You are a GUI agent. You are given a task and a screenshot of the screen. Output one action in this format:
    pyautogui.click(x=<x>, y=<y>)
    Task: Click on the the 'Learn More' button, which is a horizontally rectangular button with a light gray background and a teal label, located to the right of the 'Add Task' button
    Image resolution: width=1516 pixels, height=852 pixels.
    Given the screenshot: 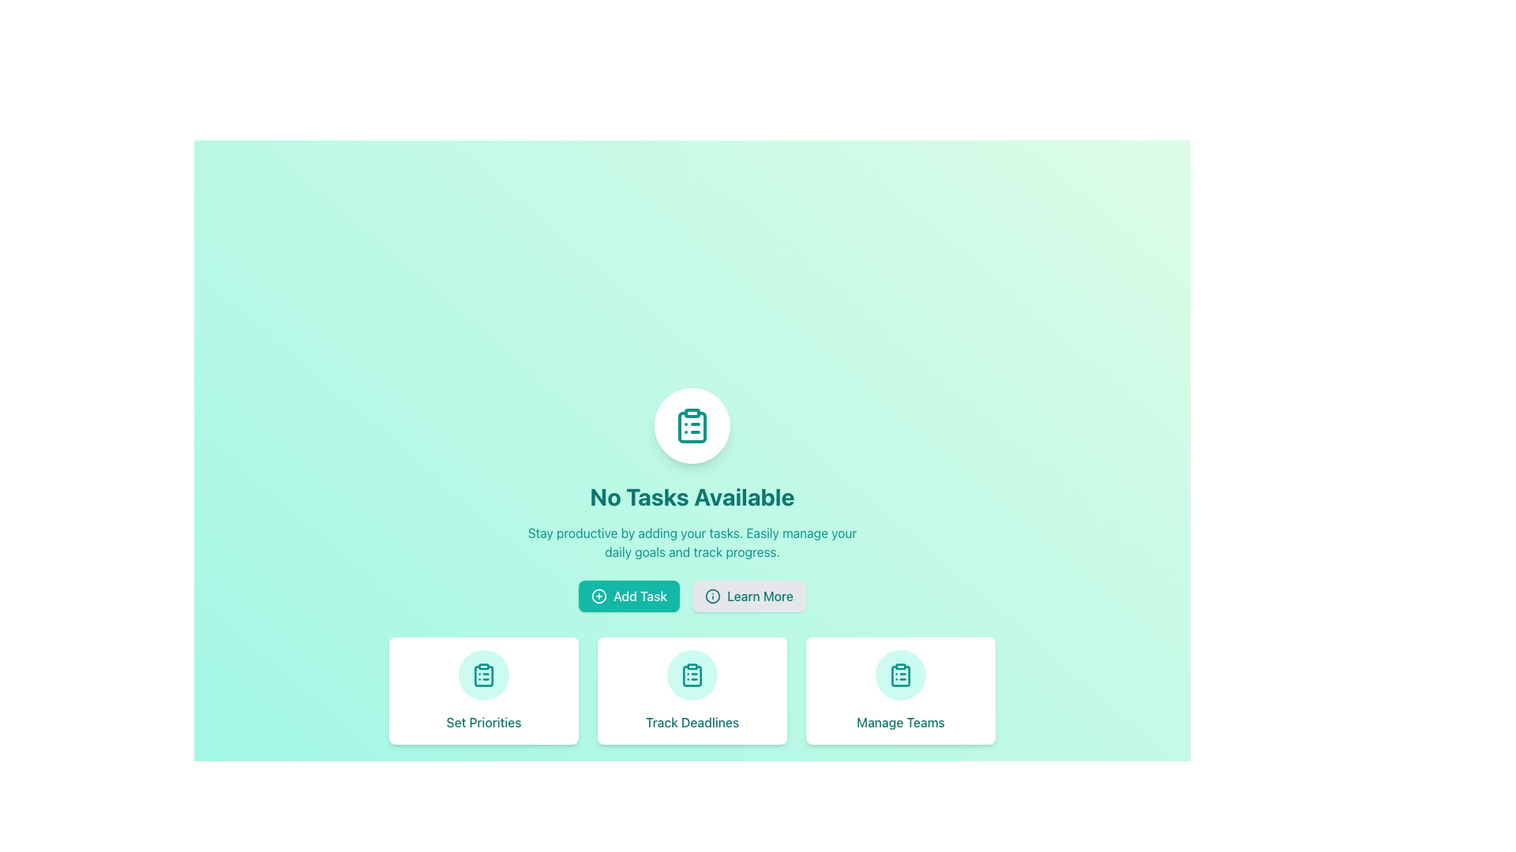 What is the action you would take?
    pyautogui.click(x=748, y=596)
    